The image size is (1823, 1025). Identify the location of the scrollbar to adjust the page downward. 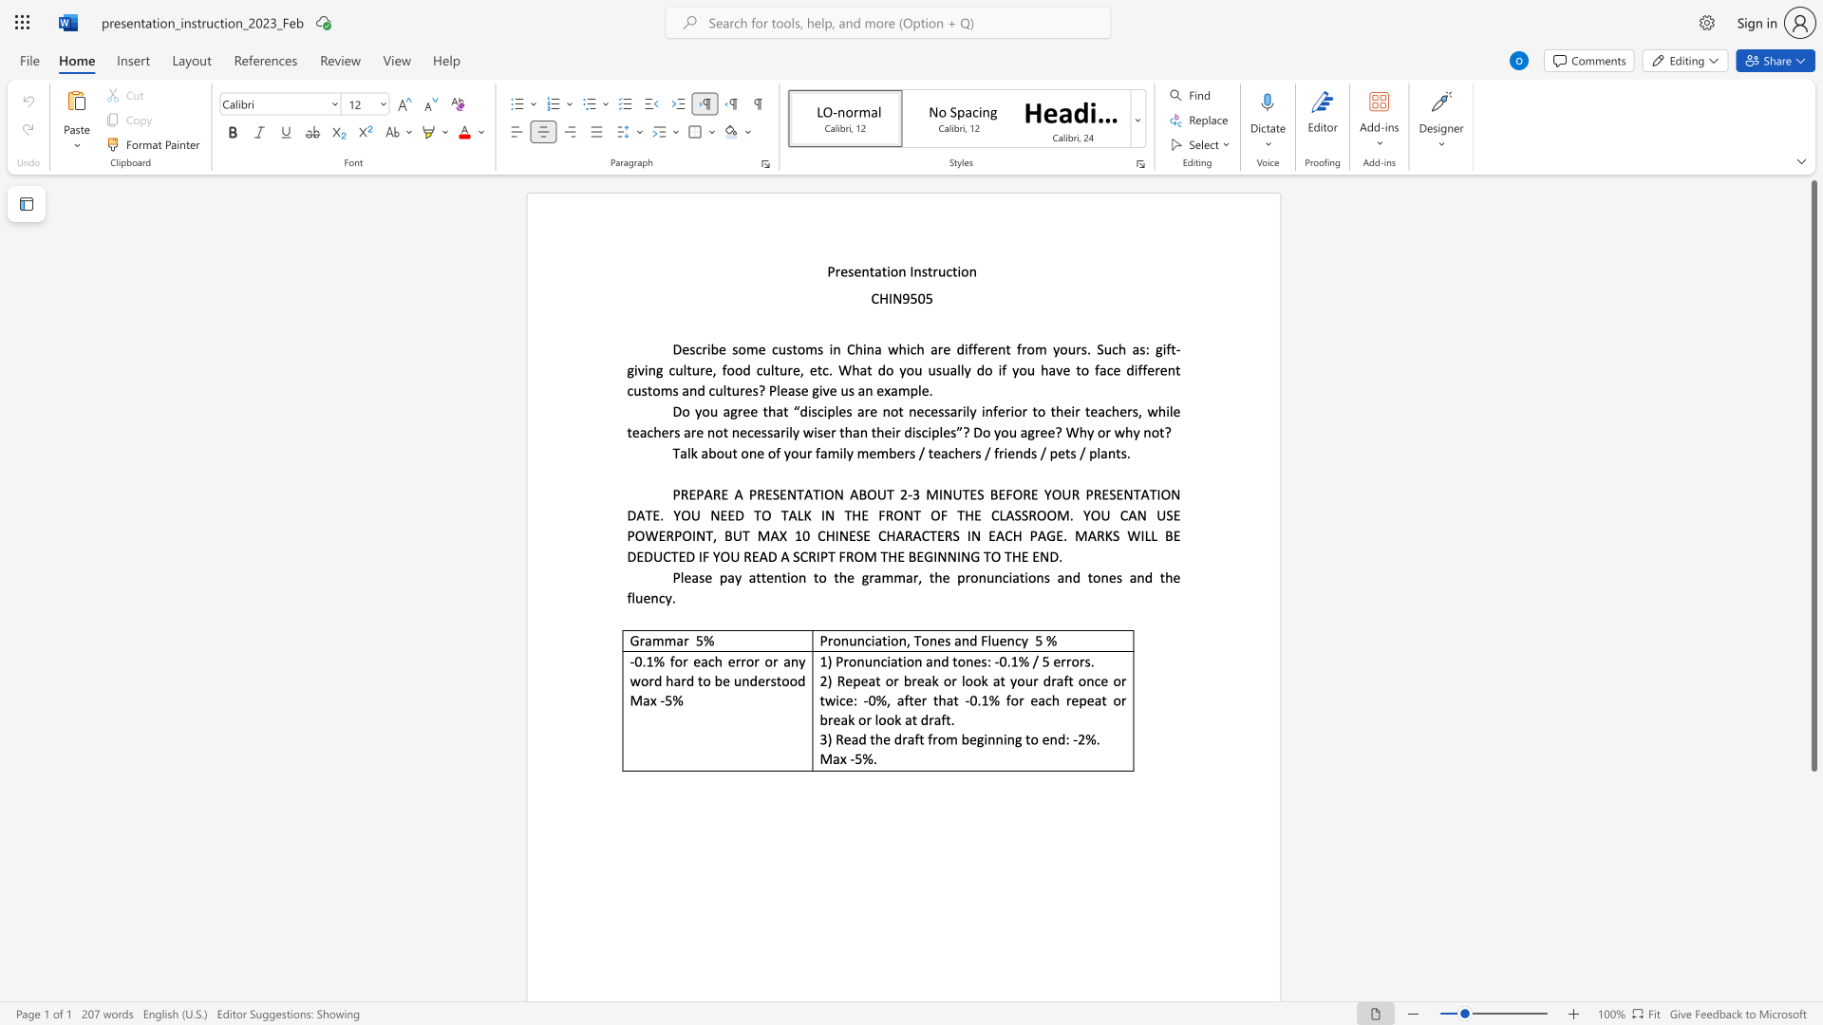
(1813, 928).